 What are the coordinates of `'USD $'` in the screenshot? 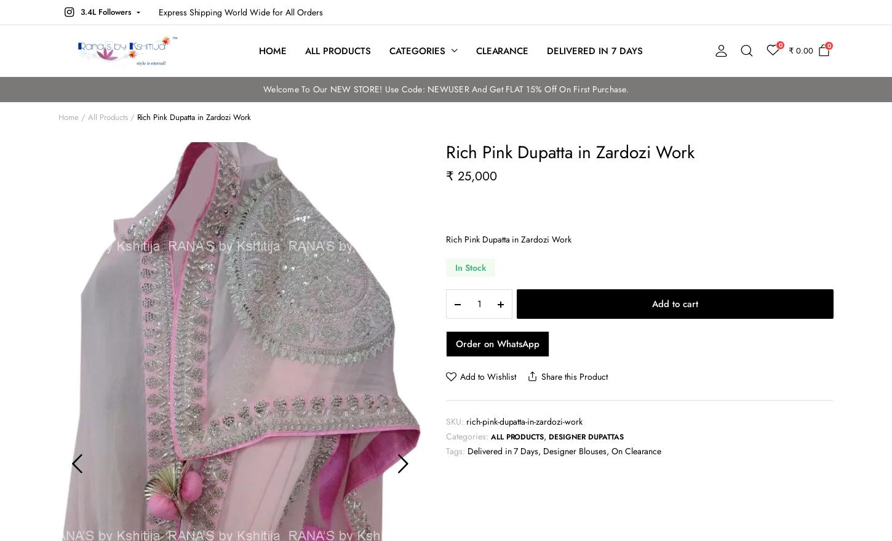 It's located at (868, 71).